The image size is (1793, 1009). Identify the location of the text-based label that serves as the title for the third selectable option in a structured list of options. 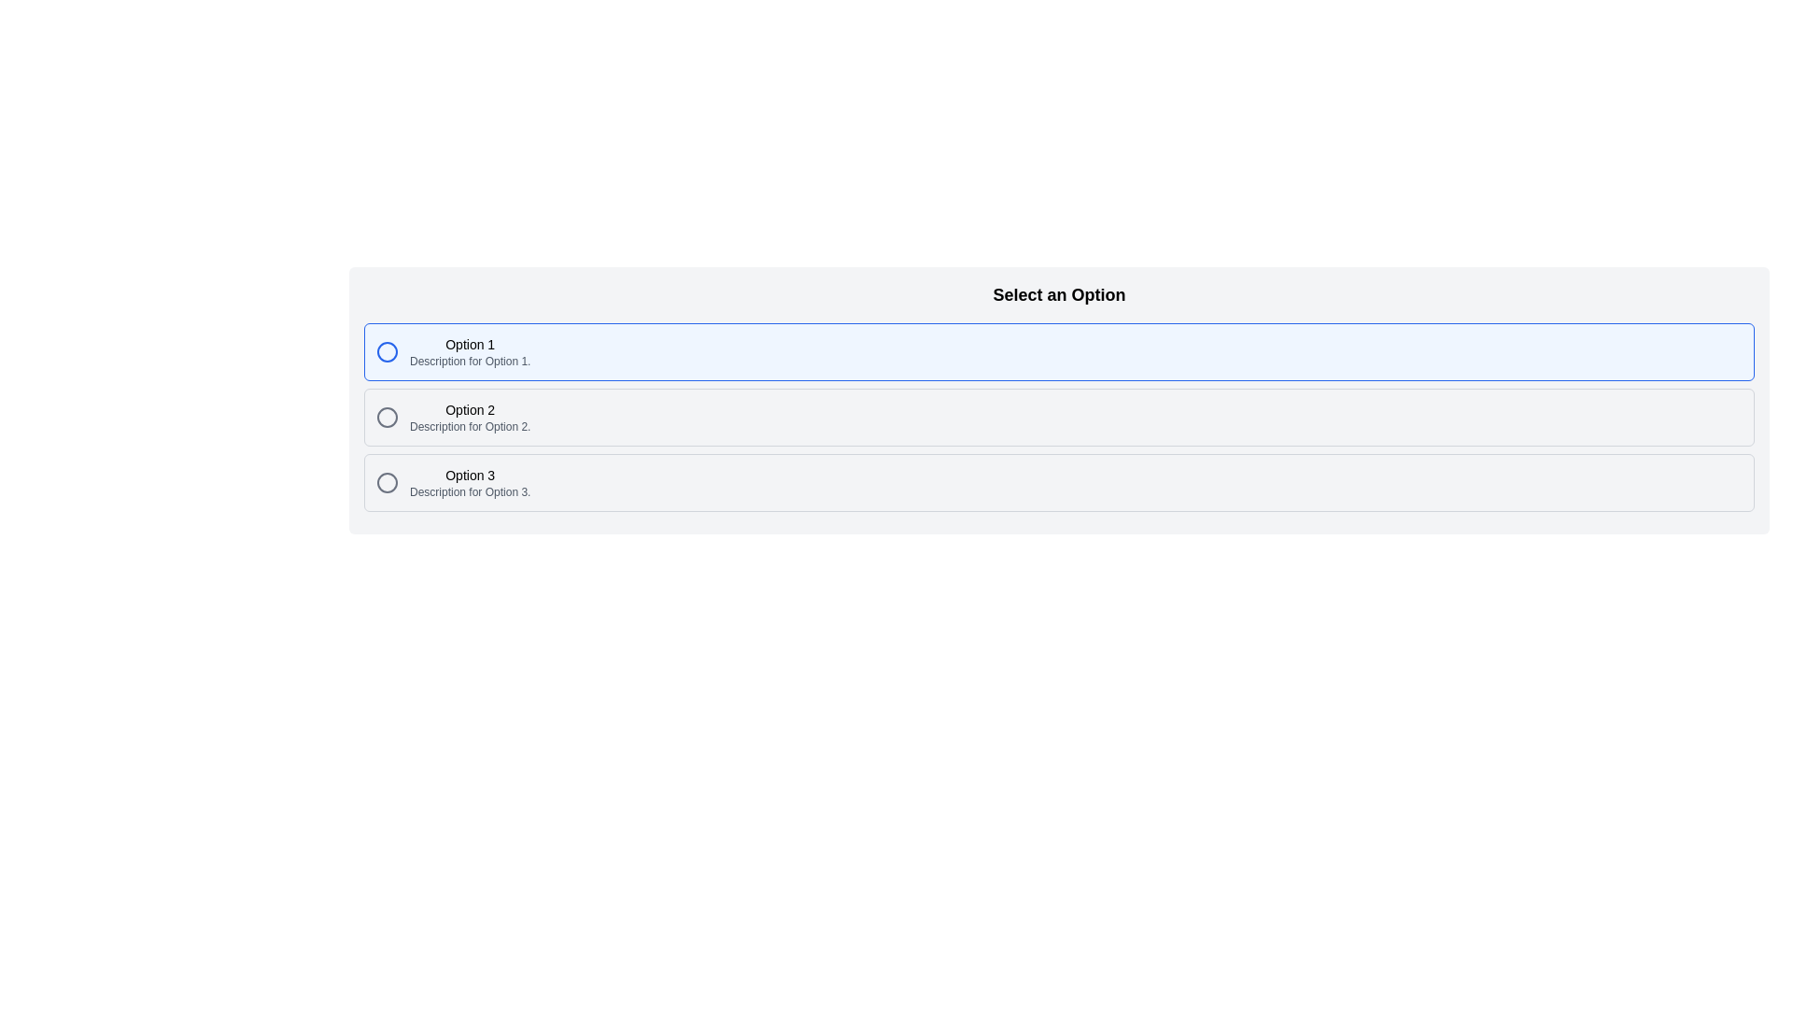
(470, 475).